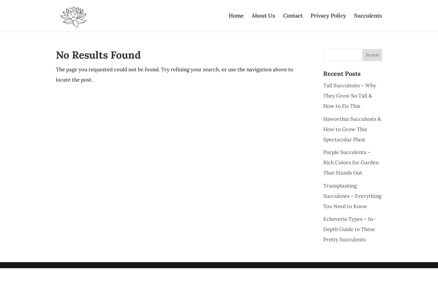 Image resolution: width=438 pixels, height=302 pixels. What do you see at coordinates (236, 15) in the screenshot?
I see `'Home'` at bounding box center [236, 15].